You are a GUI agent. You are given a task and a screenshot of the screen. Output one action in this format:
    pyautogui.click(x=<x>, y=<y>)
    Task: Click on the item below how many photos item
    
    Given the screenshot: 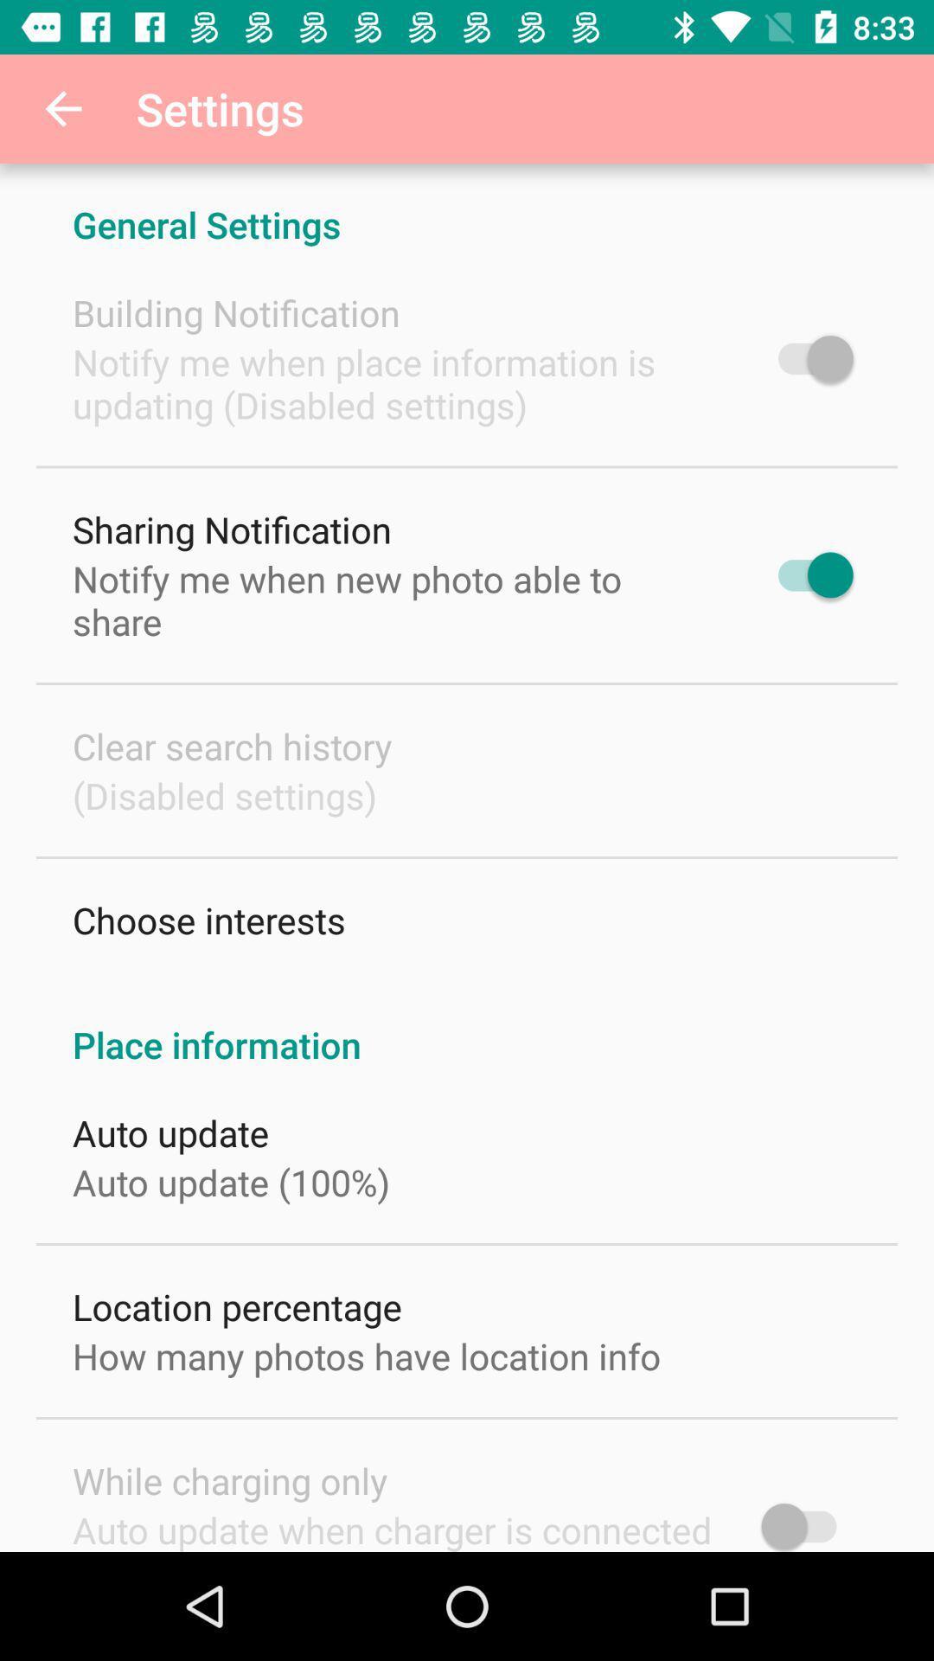 What is the action you would take?
    pyautogui.click(x=229, y=1479)
    